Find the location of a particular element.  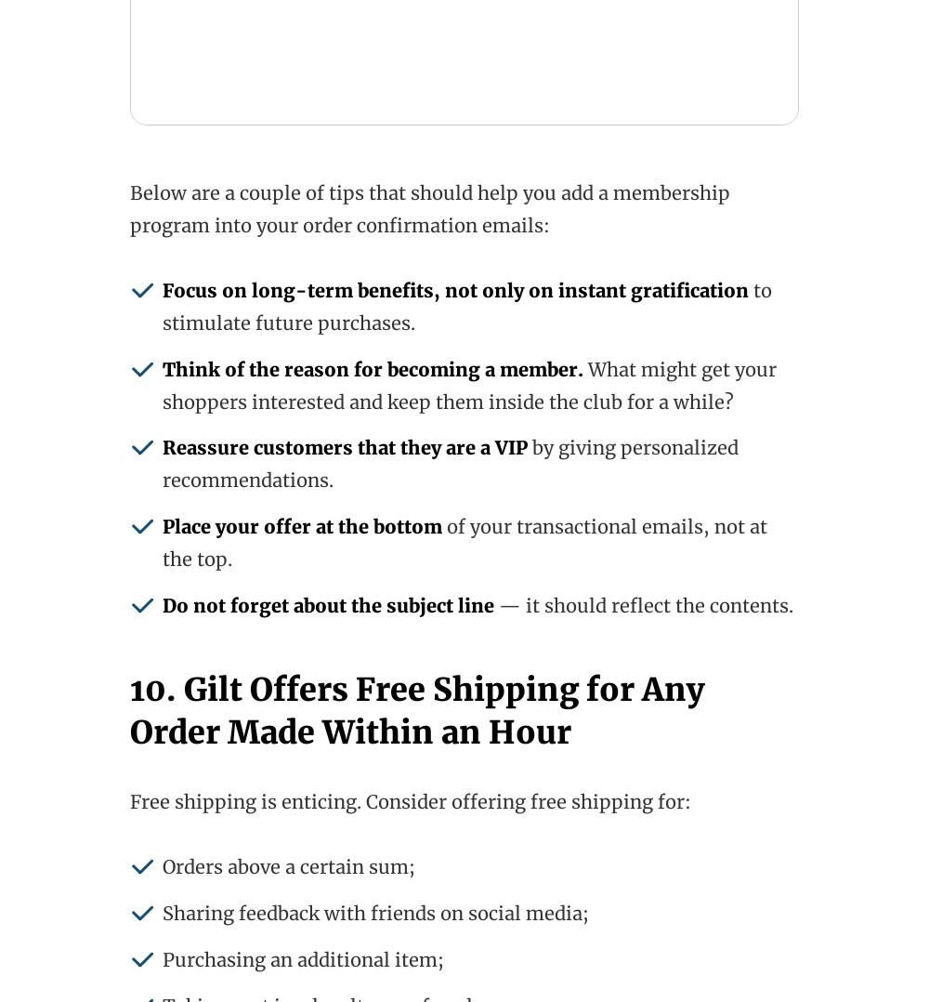

'Below are a couple of tips that should help you add a membership program into your order confirmation emails:' is located at coordinates (429, 208).